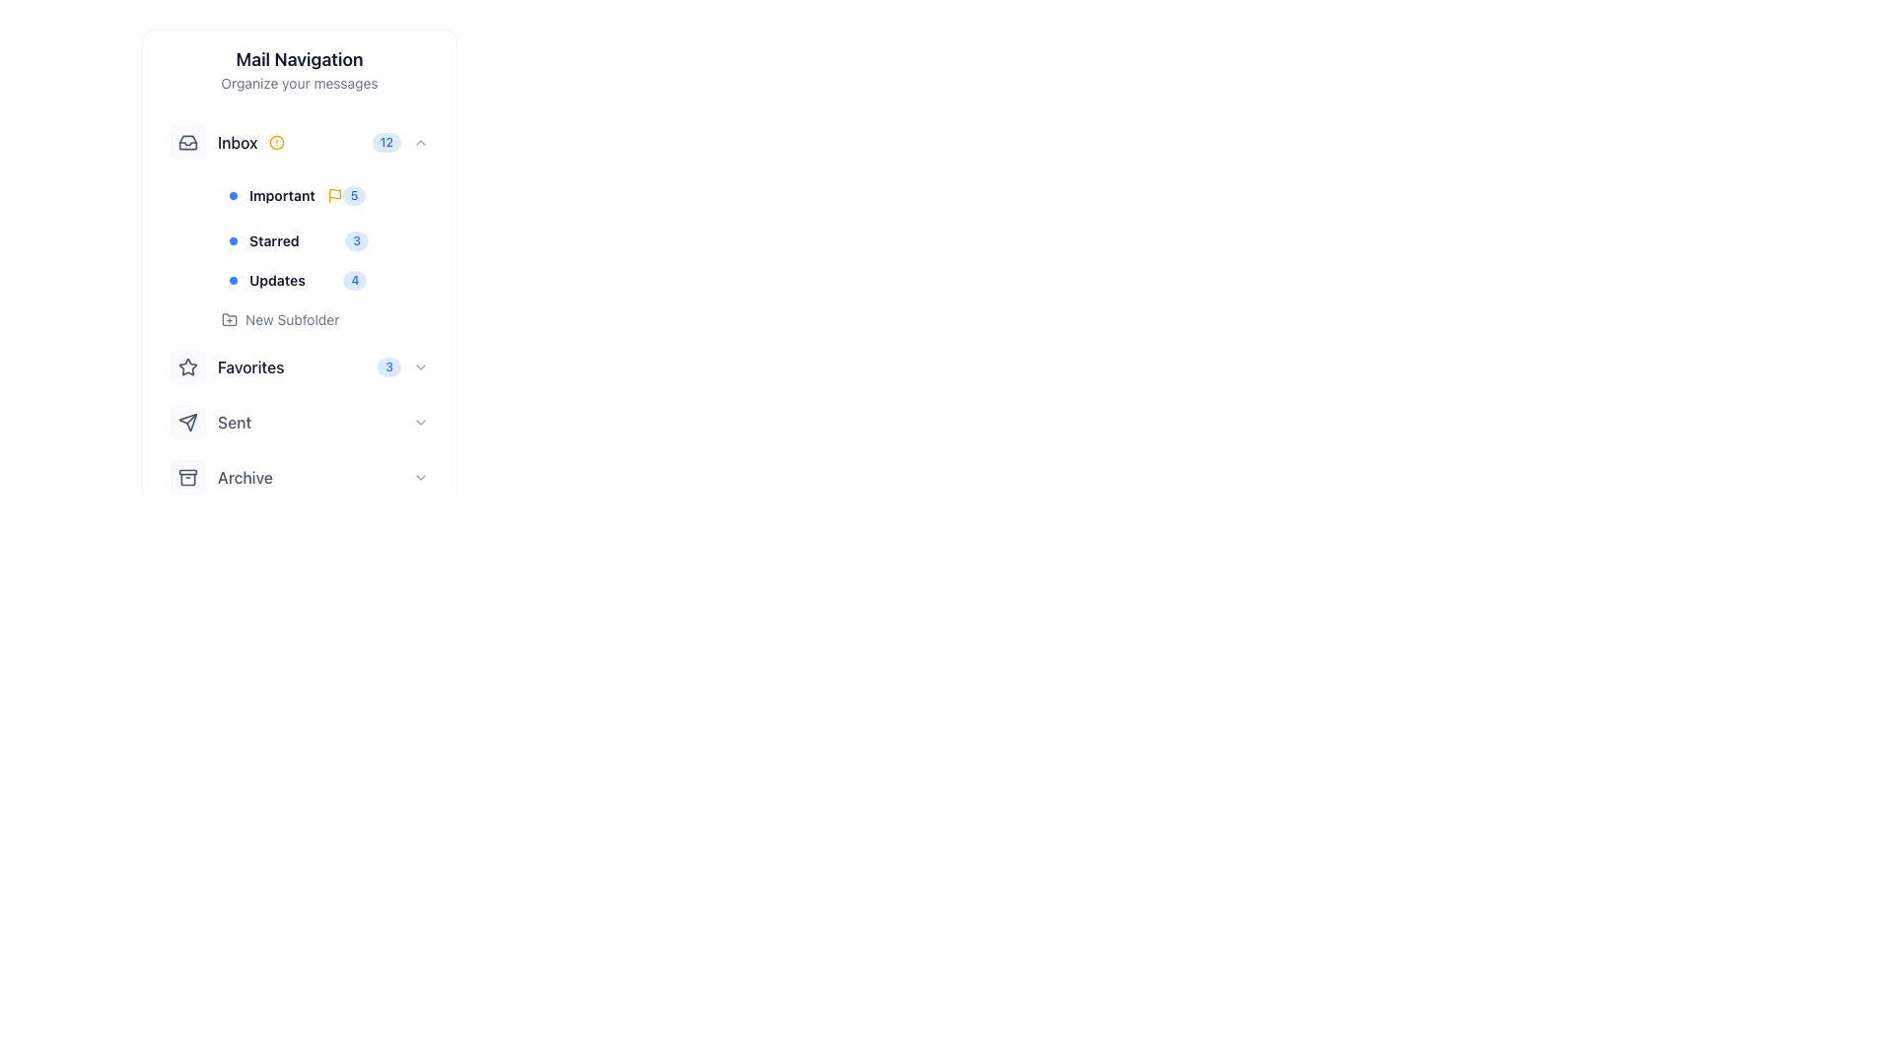  What do you see at coordinates (298, 142) in the screenshot?
I see `the 'Inbox' button in the Mail Navigation vertical list` at bounding box center [298, 142].